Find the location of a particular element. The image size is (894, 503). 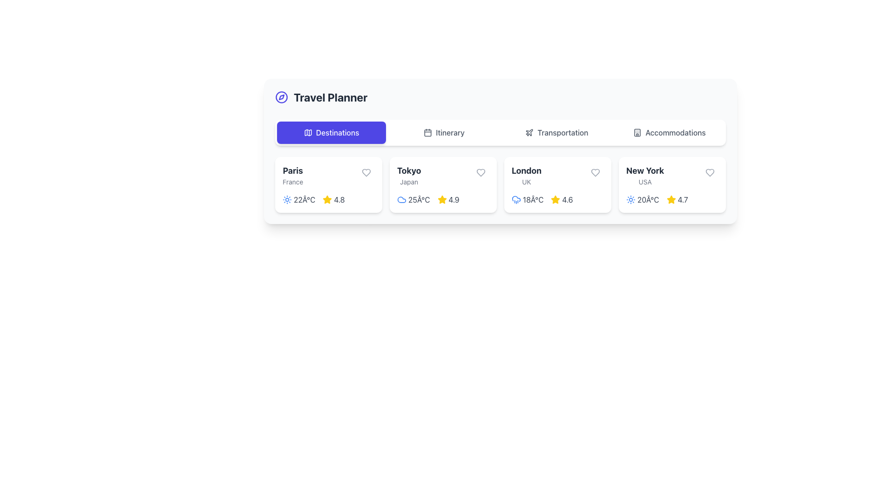

text from the Text Label that identifies the location (city and country) situated within the fourth card, to the right of the card labeled 'London' is located at coordinates (644, 176).